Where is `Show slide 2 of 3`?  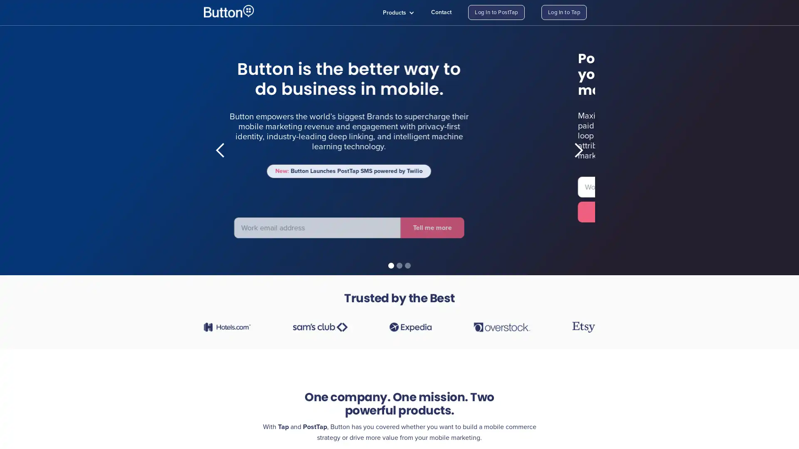
Show slide 2 of 3 is located at coordinates (399, 266).